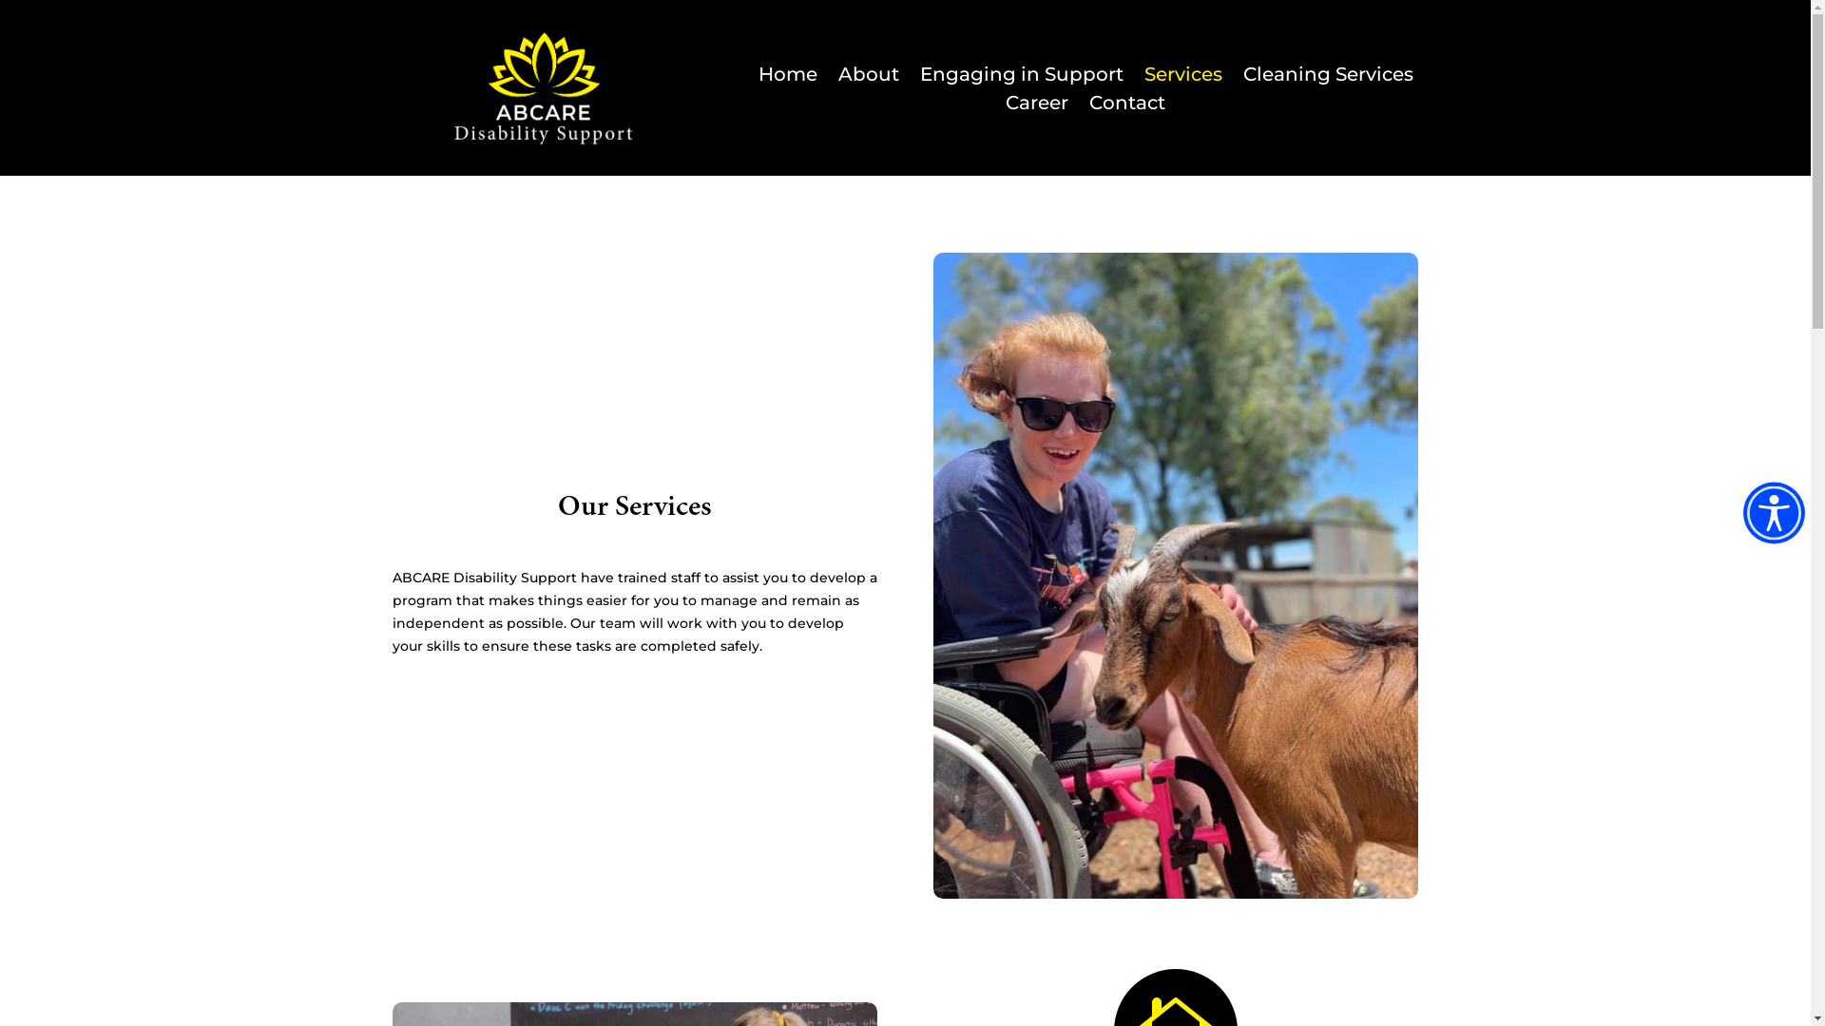 Image resolution: width=1825 pixels, height=1026 pixels. What do you see at coordinates (788, 76) in the screenshot?
I see `'Home'` at bounding box center [788, 76].